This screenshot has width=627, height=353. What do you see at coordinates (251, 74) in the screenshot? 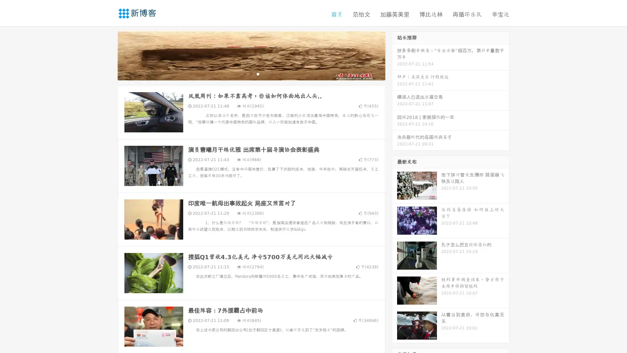
I see `Go to slide 2` at bounding box center [251, 74].